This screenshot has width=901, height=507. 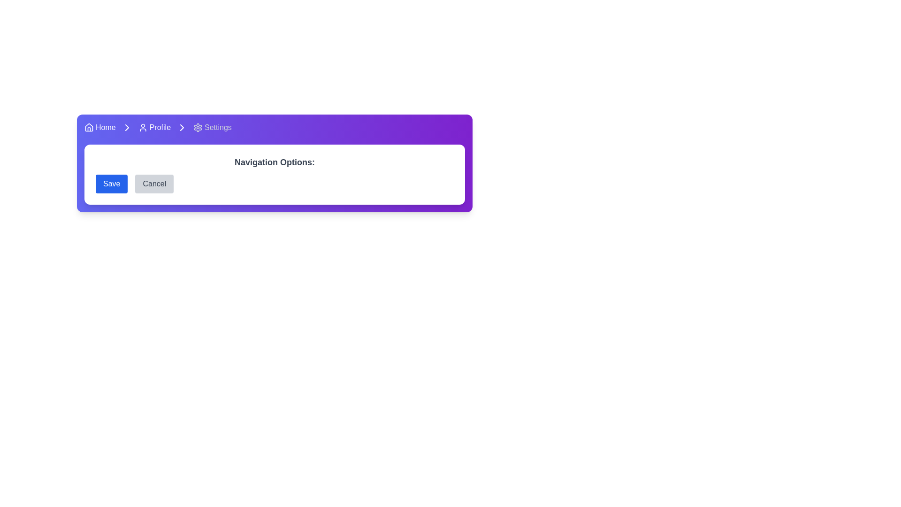 What do you see at coordinates (100, 128) in the screenshot?
I see `the interactive link located in the top-left corner of the horizontal navigation bar` at bounding box center [100, 128].